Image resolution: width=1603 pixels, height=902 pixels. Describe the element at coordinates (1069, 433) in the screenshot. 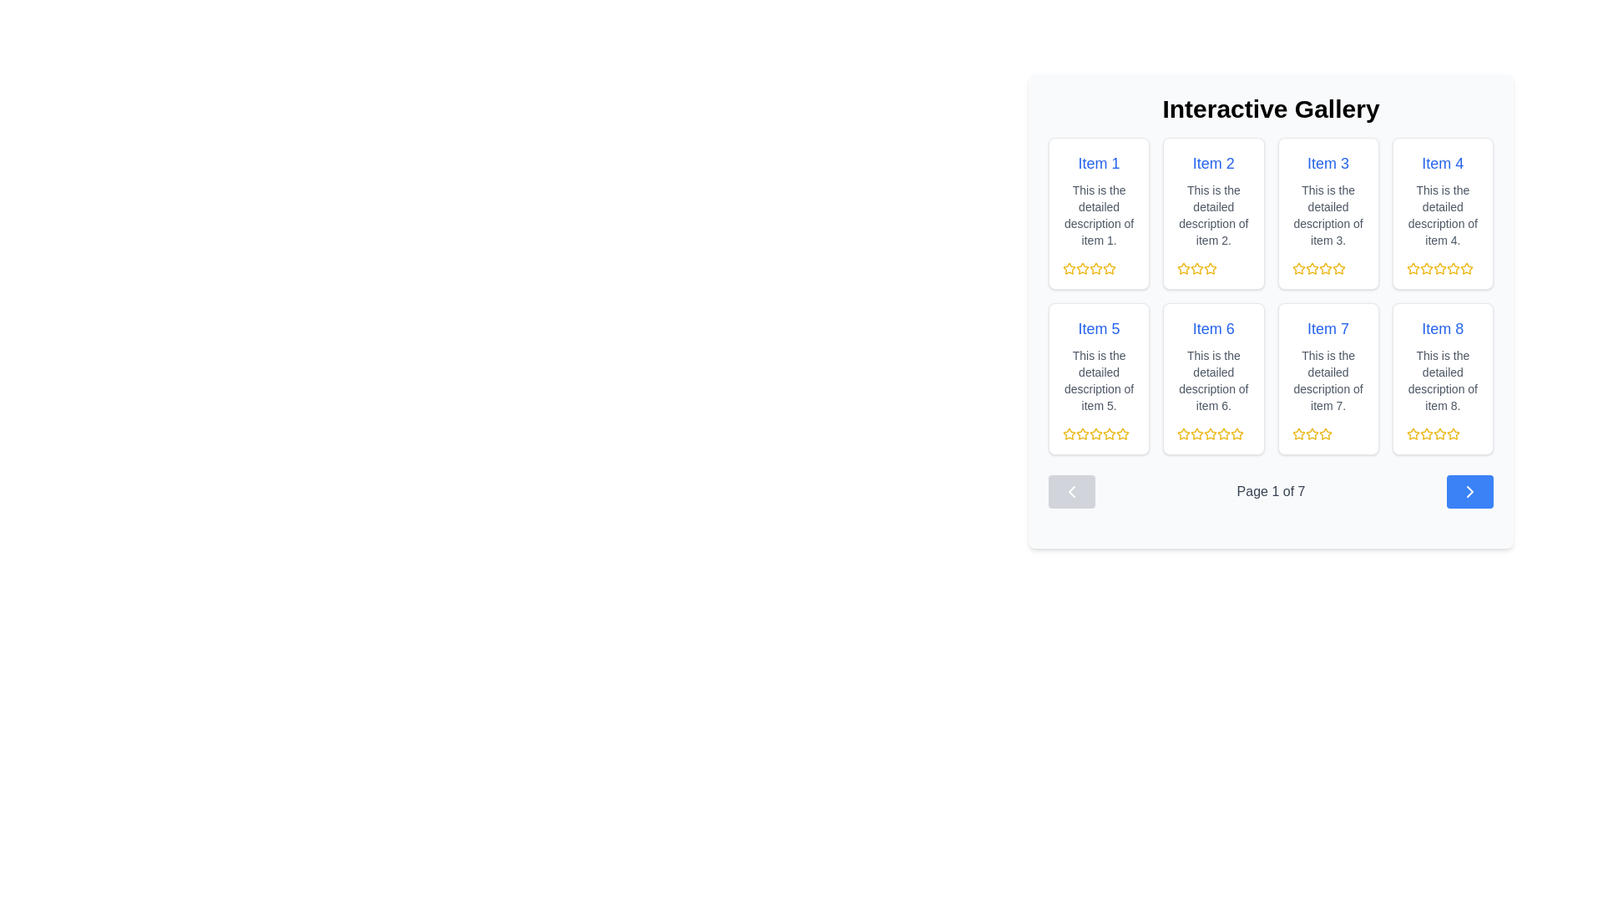

I see `the first yellow star icon button for rating` at that location.